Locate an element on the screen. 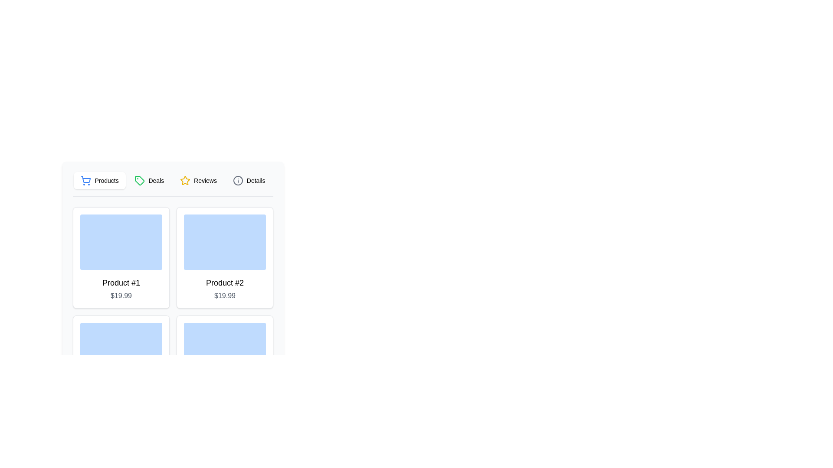  the product card located at the top-left corner of the grid is located at coordinates (121, 257).